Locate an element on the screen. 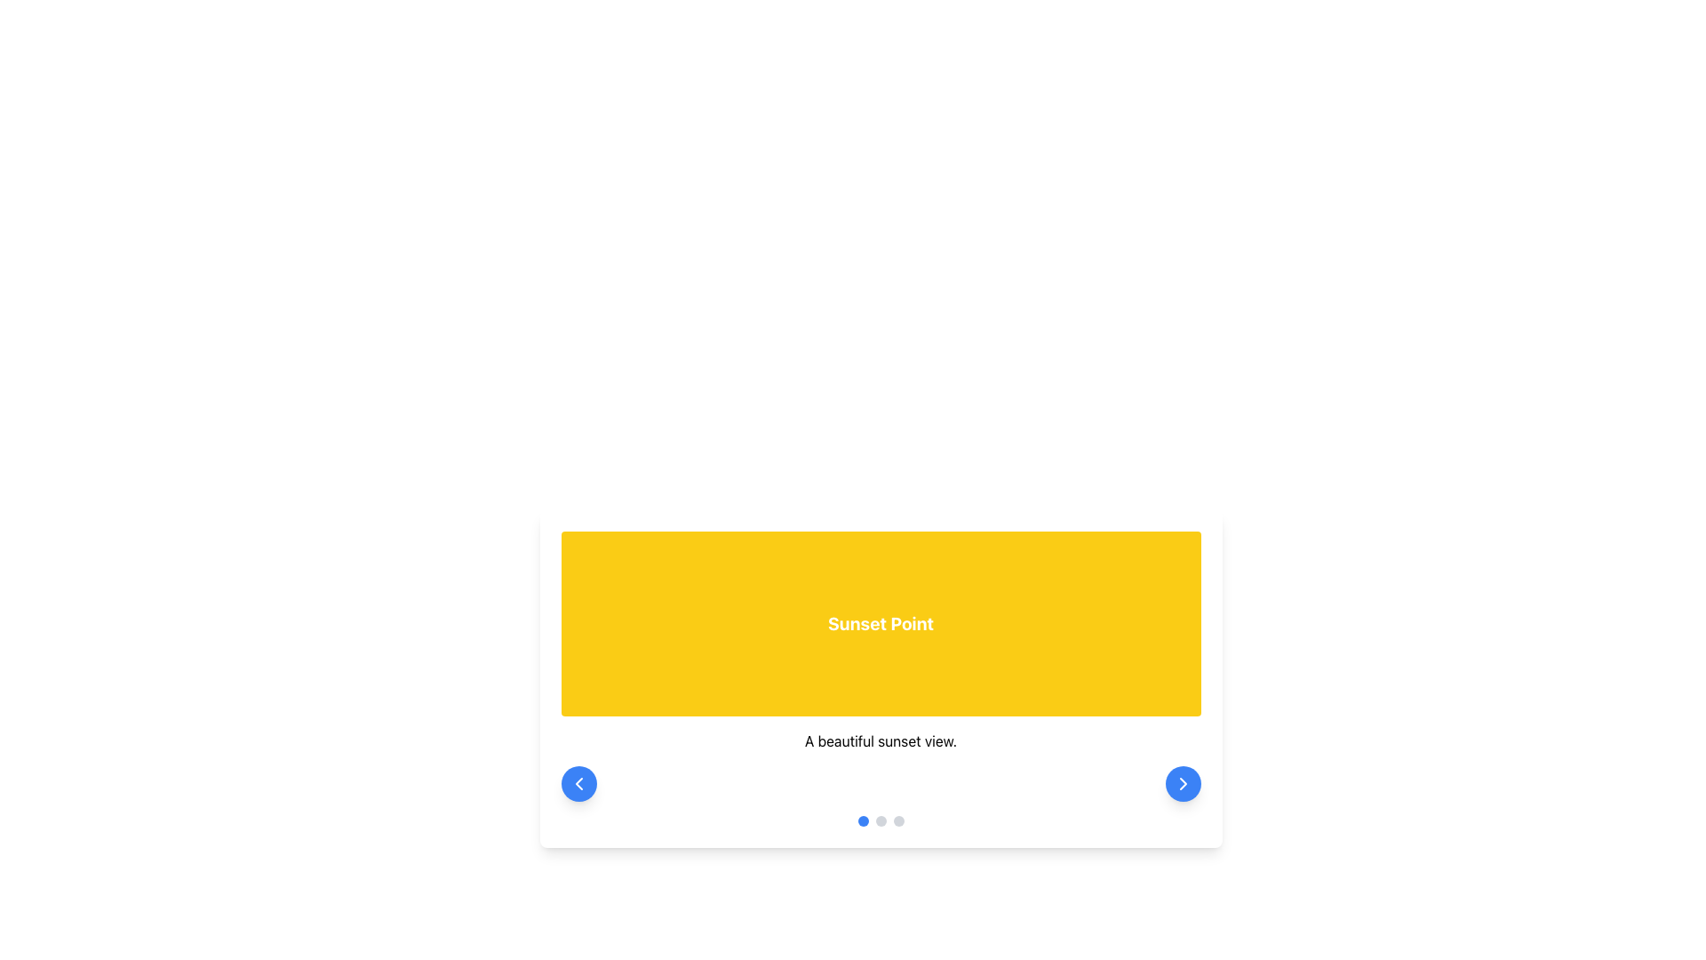 The height and width of the screenshot is (960, 1706). the left navigation button located at the bottom-left corner of the carousel is located at coordinates (578, 783).